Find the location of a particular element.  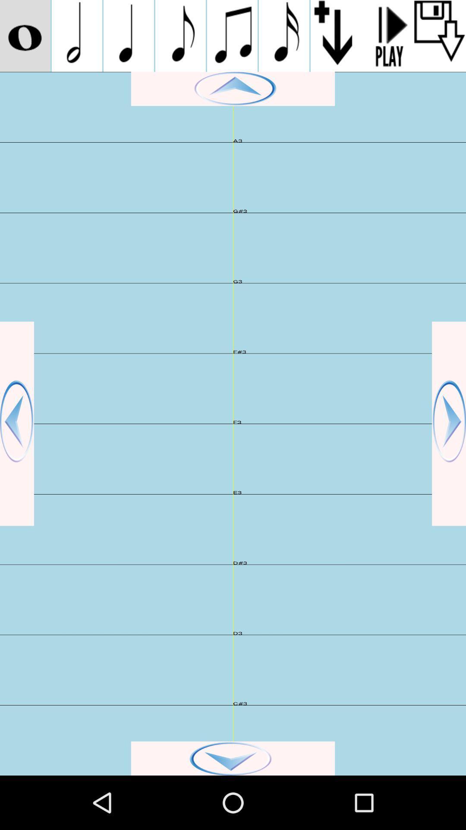

eject out button is located at coordinates (440, 35).